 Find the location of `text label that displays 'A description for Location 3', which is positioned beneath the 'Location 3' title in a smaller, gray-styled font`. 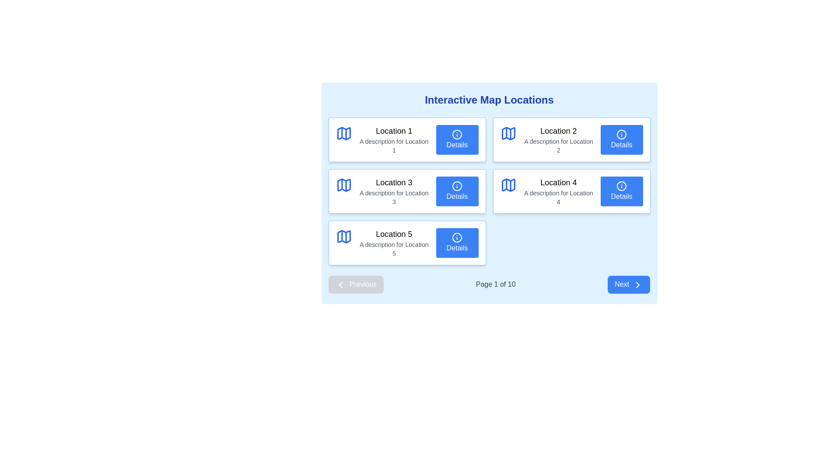

text label that displays 'A description for Location 3', which is positioned beneath the 'Location 3' title in a smaller, gray-styled font is located at coordinates (393, 197).